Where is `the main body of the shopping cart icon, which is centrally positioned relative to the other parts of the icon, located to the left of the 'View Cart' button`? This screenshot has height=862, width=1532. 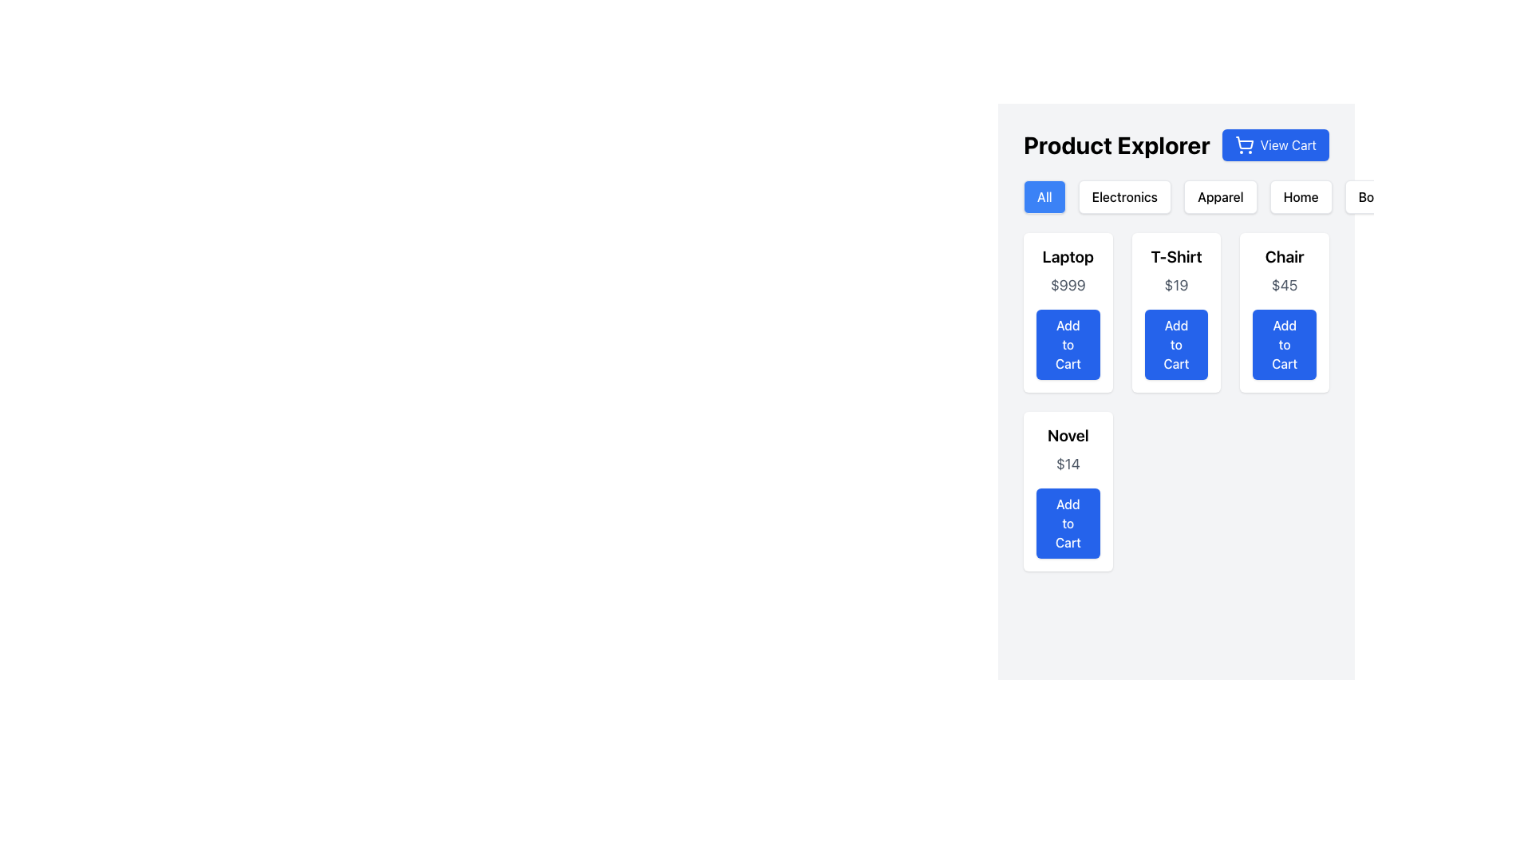
the main body of the shopping cart icon, which is centrally positioned relative to the other parts of the icon, located to the left of the 'View Cart' button is located at coordinates (1243, 142).